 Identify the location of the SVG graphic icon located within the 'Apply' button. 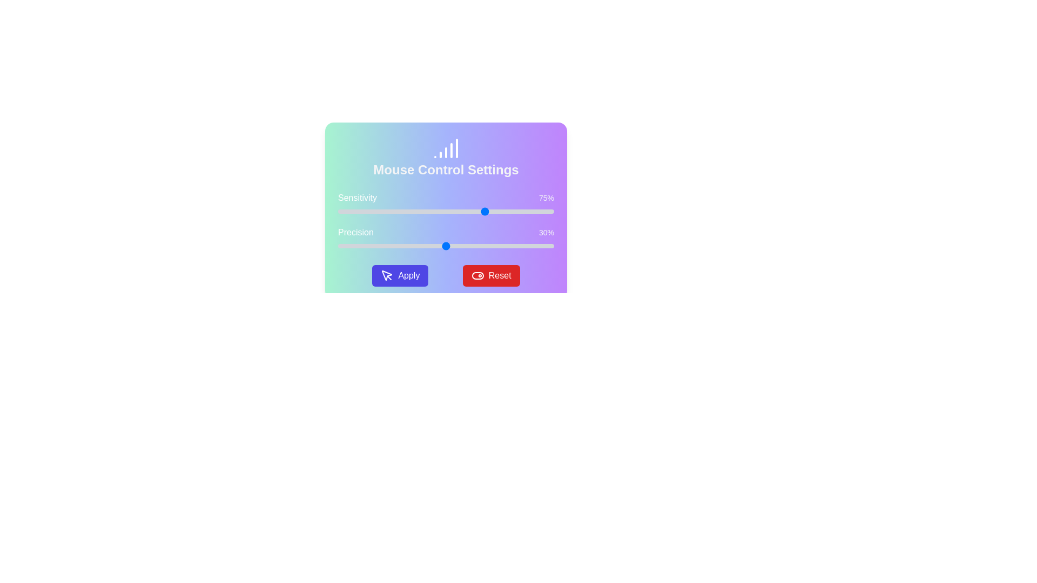
(387, 275).